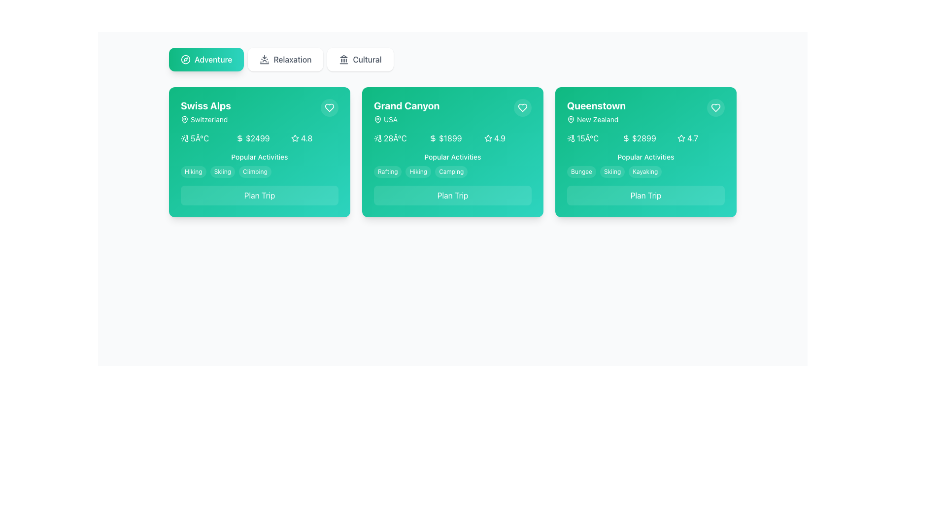 This screenshot has width=946, height=532. What do you see at coordinates (258, 138) in the screenshot?
I see `price value displayed in the text label associated with the 'Swiss Alps' travel offer, positioned above the star rating and aligned with the dollar sign icon` at bounding box center [258, 138].